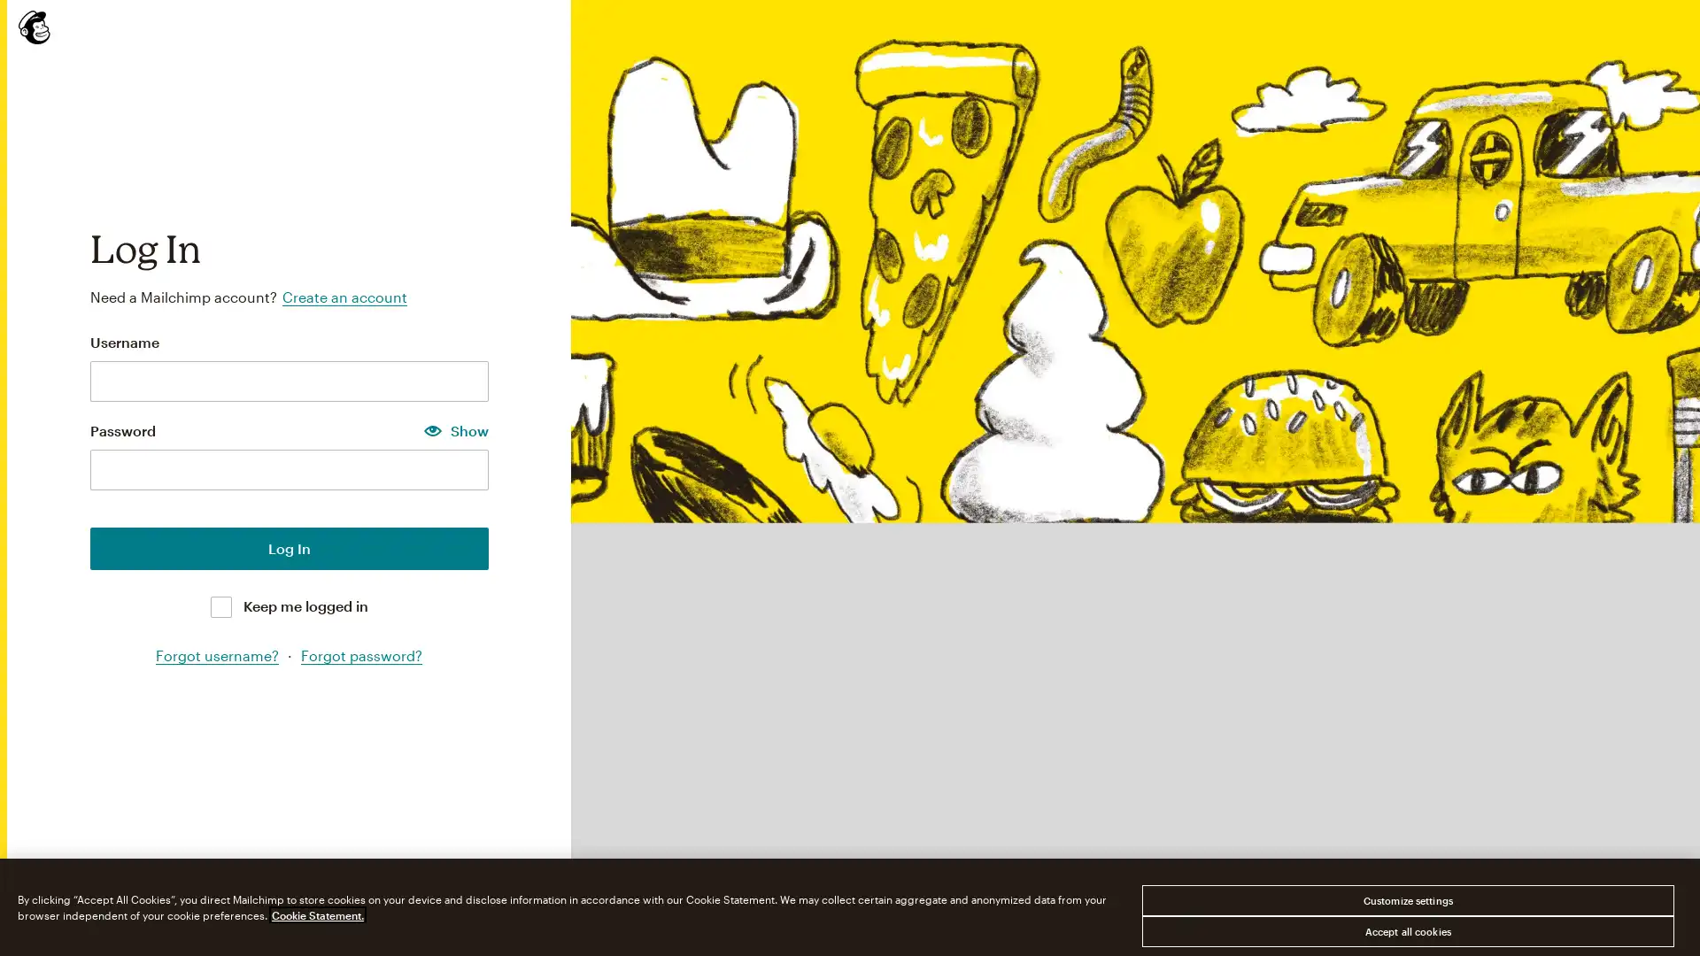  I want to click on Accept all cookies, so click(1406, 930).